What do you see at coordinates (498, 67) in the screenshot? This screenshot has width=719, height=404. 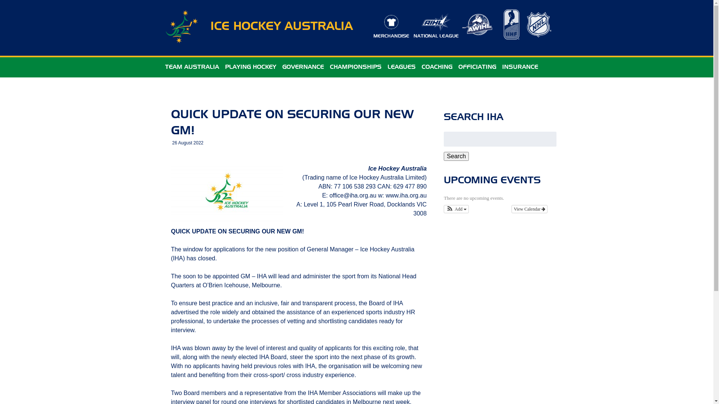 I see `'INSURANCE'` at bounding box center [498, 67].